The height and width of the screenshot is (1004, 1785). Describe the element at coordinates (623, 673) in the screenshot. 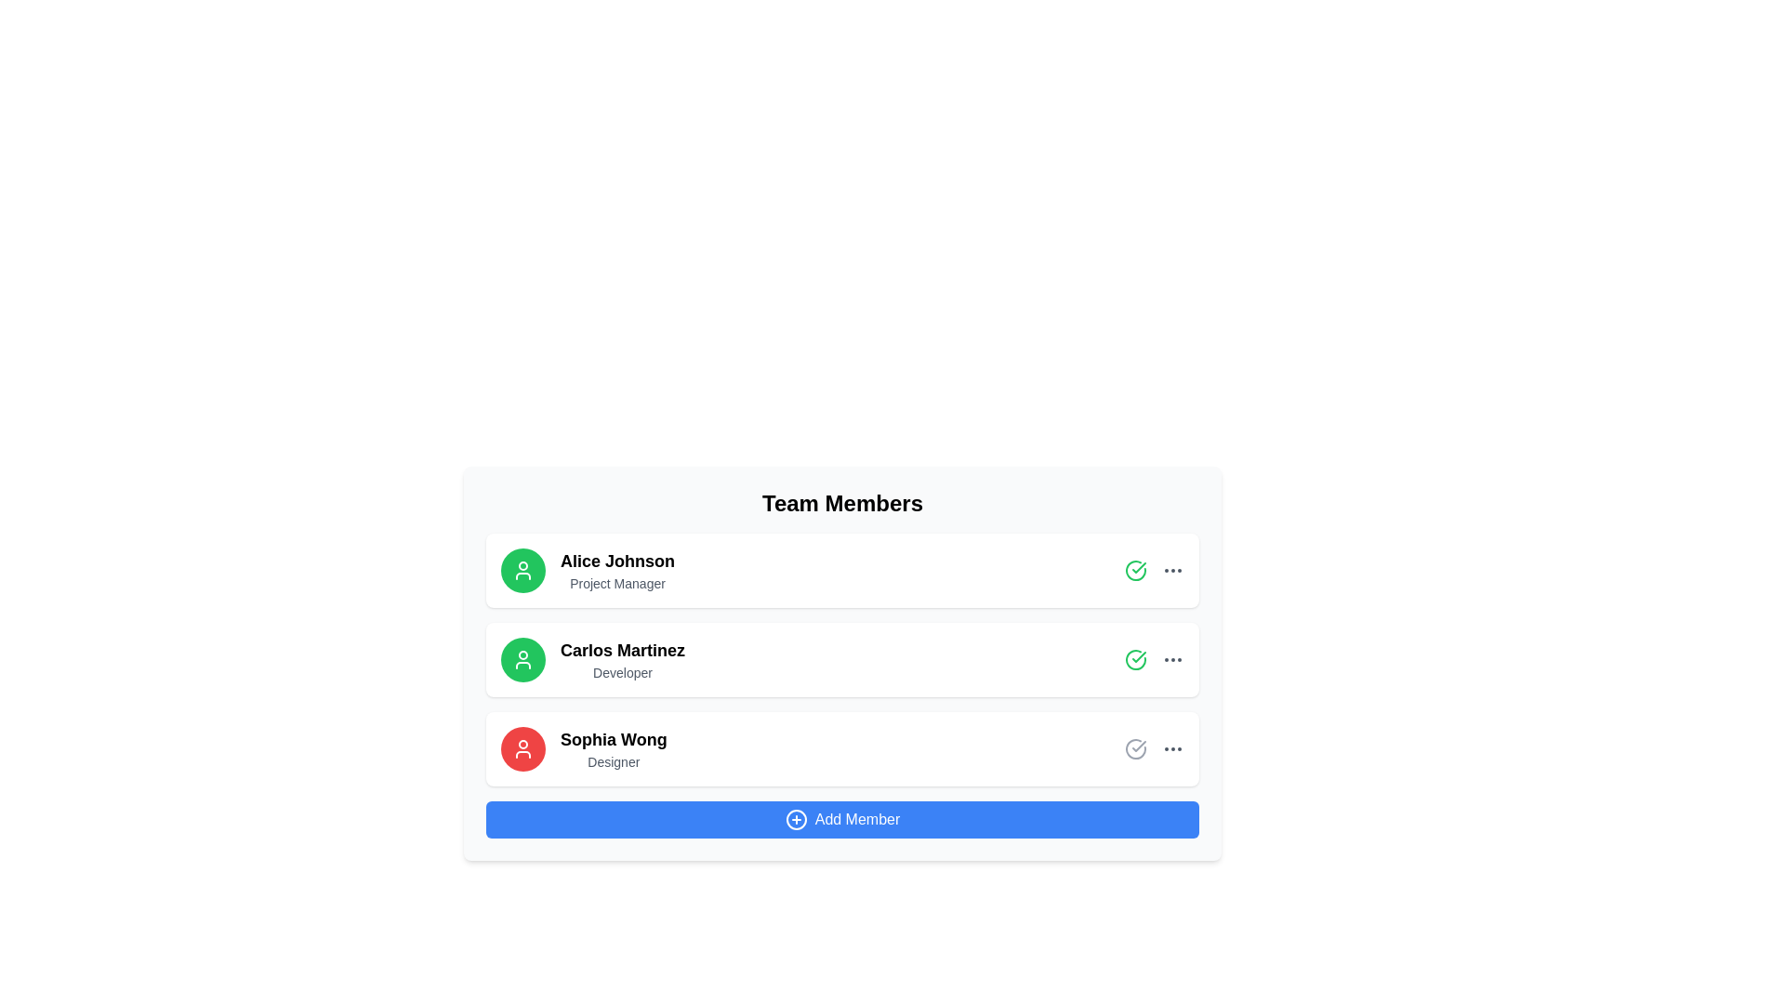

I see `text label displaying 'Developer' located beneath the name 'Carlos Martinez' in his profile card` at that location.